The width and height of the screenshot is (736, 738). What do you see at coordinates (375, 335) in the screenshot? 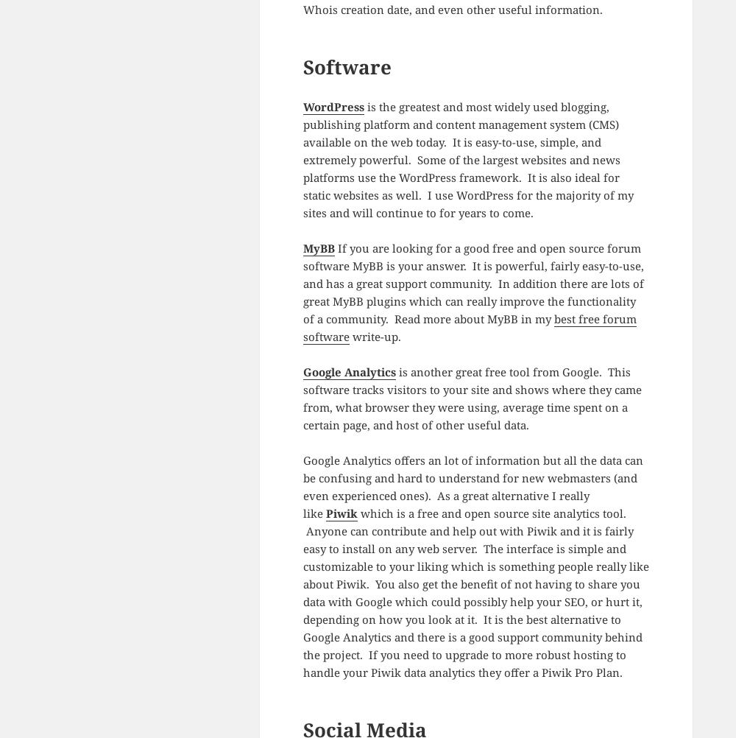
I see `'write-up.'` at bounding box center [375, 335].